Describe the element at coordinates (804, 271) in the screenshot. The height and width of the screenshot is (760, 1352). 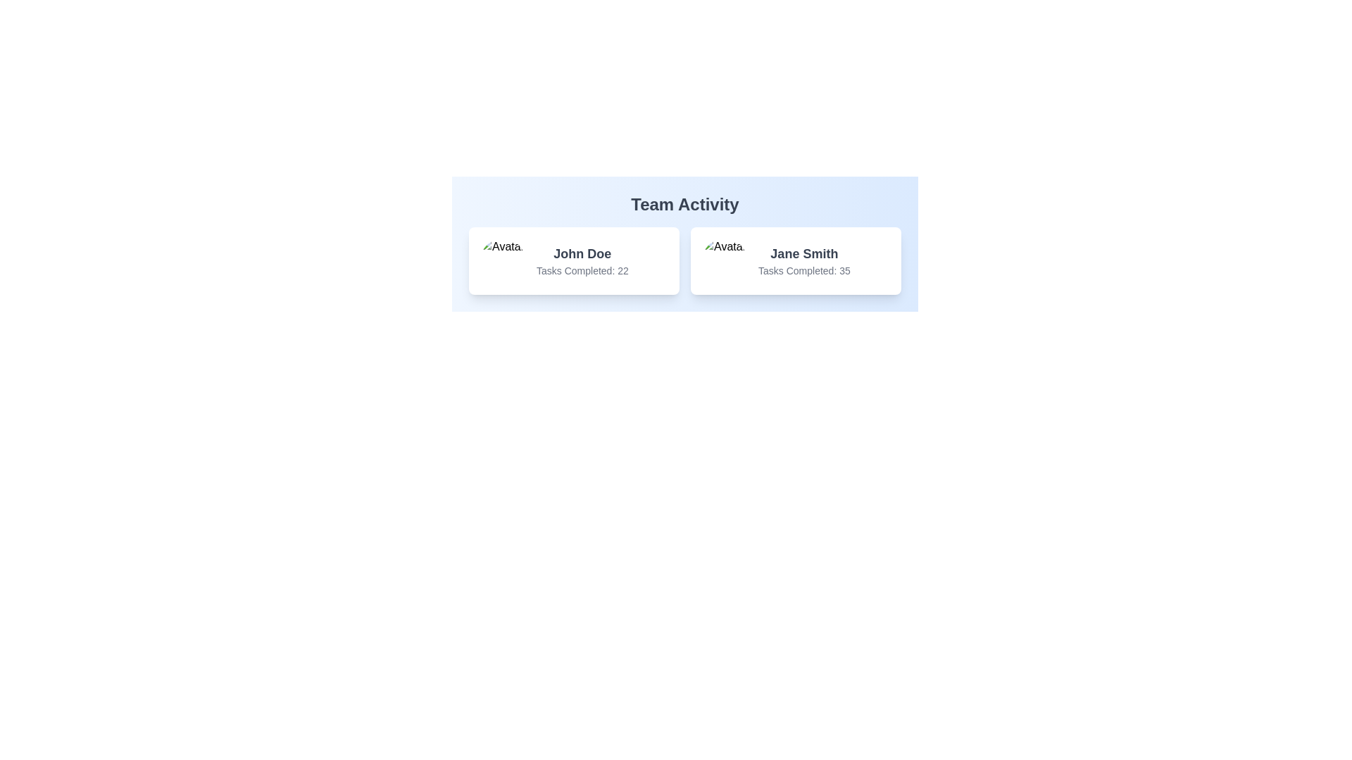
I see `text label displaying 'Tasks Completed: 35' located below the name 'Jane Smith' in the 'Team Activity' section` at that location.